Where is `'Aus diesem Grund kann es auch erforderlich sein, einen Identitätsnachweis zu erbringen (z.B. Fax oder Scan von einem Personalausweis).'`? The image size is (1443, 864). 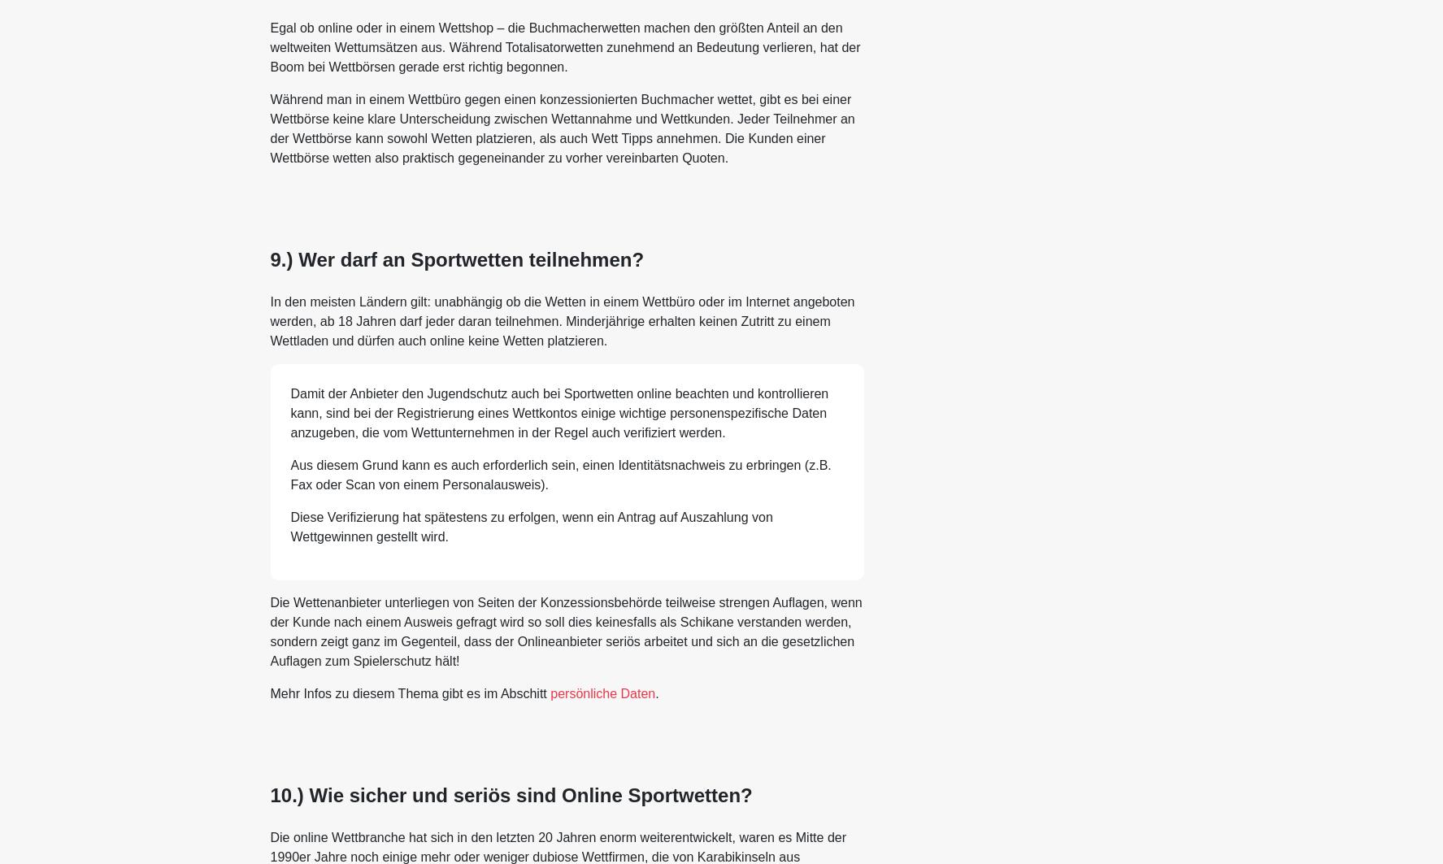
'Aus diesem Grund kann es auch erforderlich sein, einen Identitätsnachweis zu erbringen (z.B. Fax oder Scan von einem Personalausweis).' is located at coordinates (289, 473).